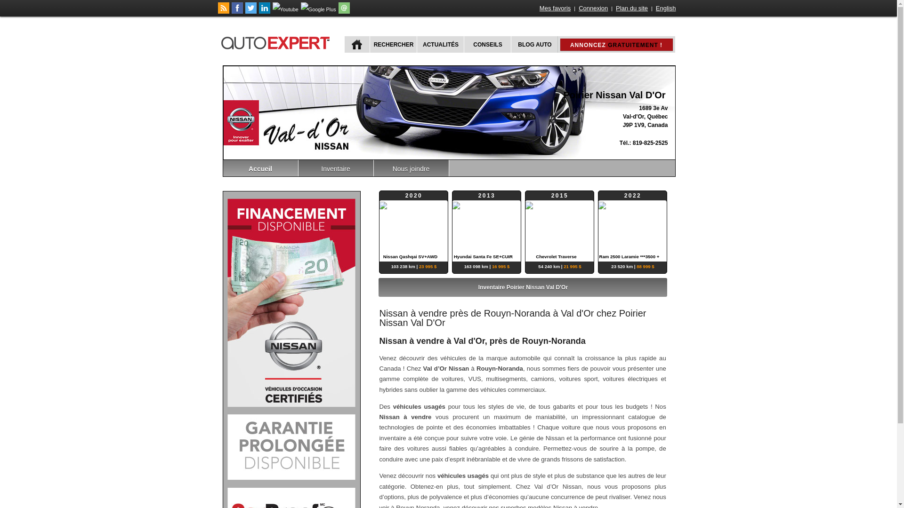 This screenshot has height=508, width=904. I want to click on 'ANNONCEZ GRATUITEMENT !', so click(569, 45).